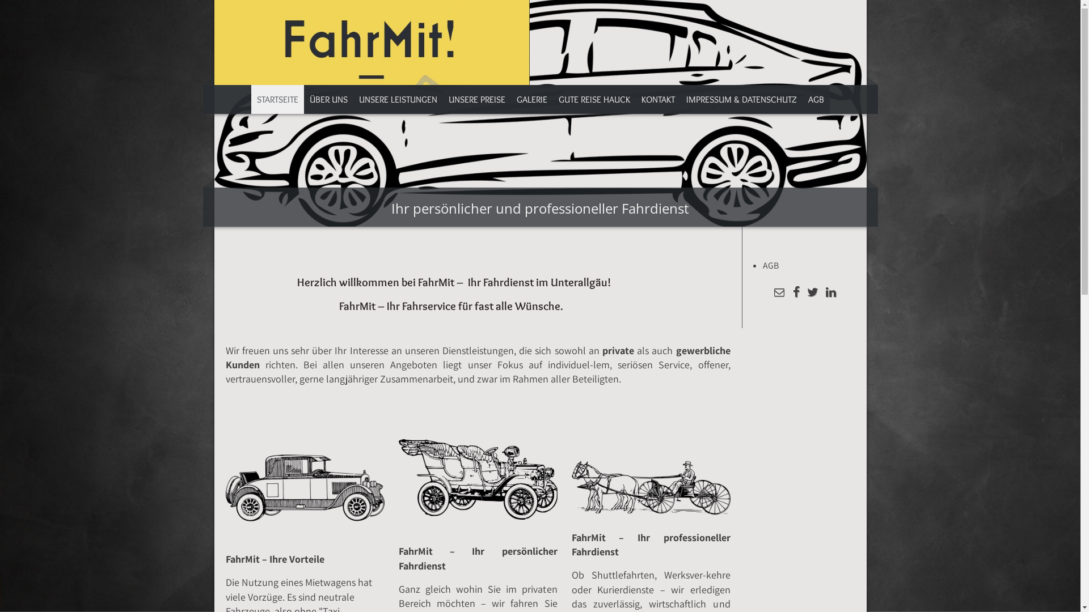  What do you see at coordinates (822, 292) in the screenshot?
I see `'LinkedIn'` at bounding box center [822, 292].